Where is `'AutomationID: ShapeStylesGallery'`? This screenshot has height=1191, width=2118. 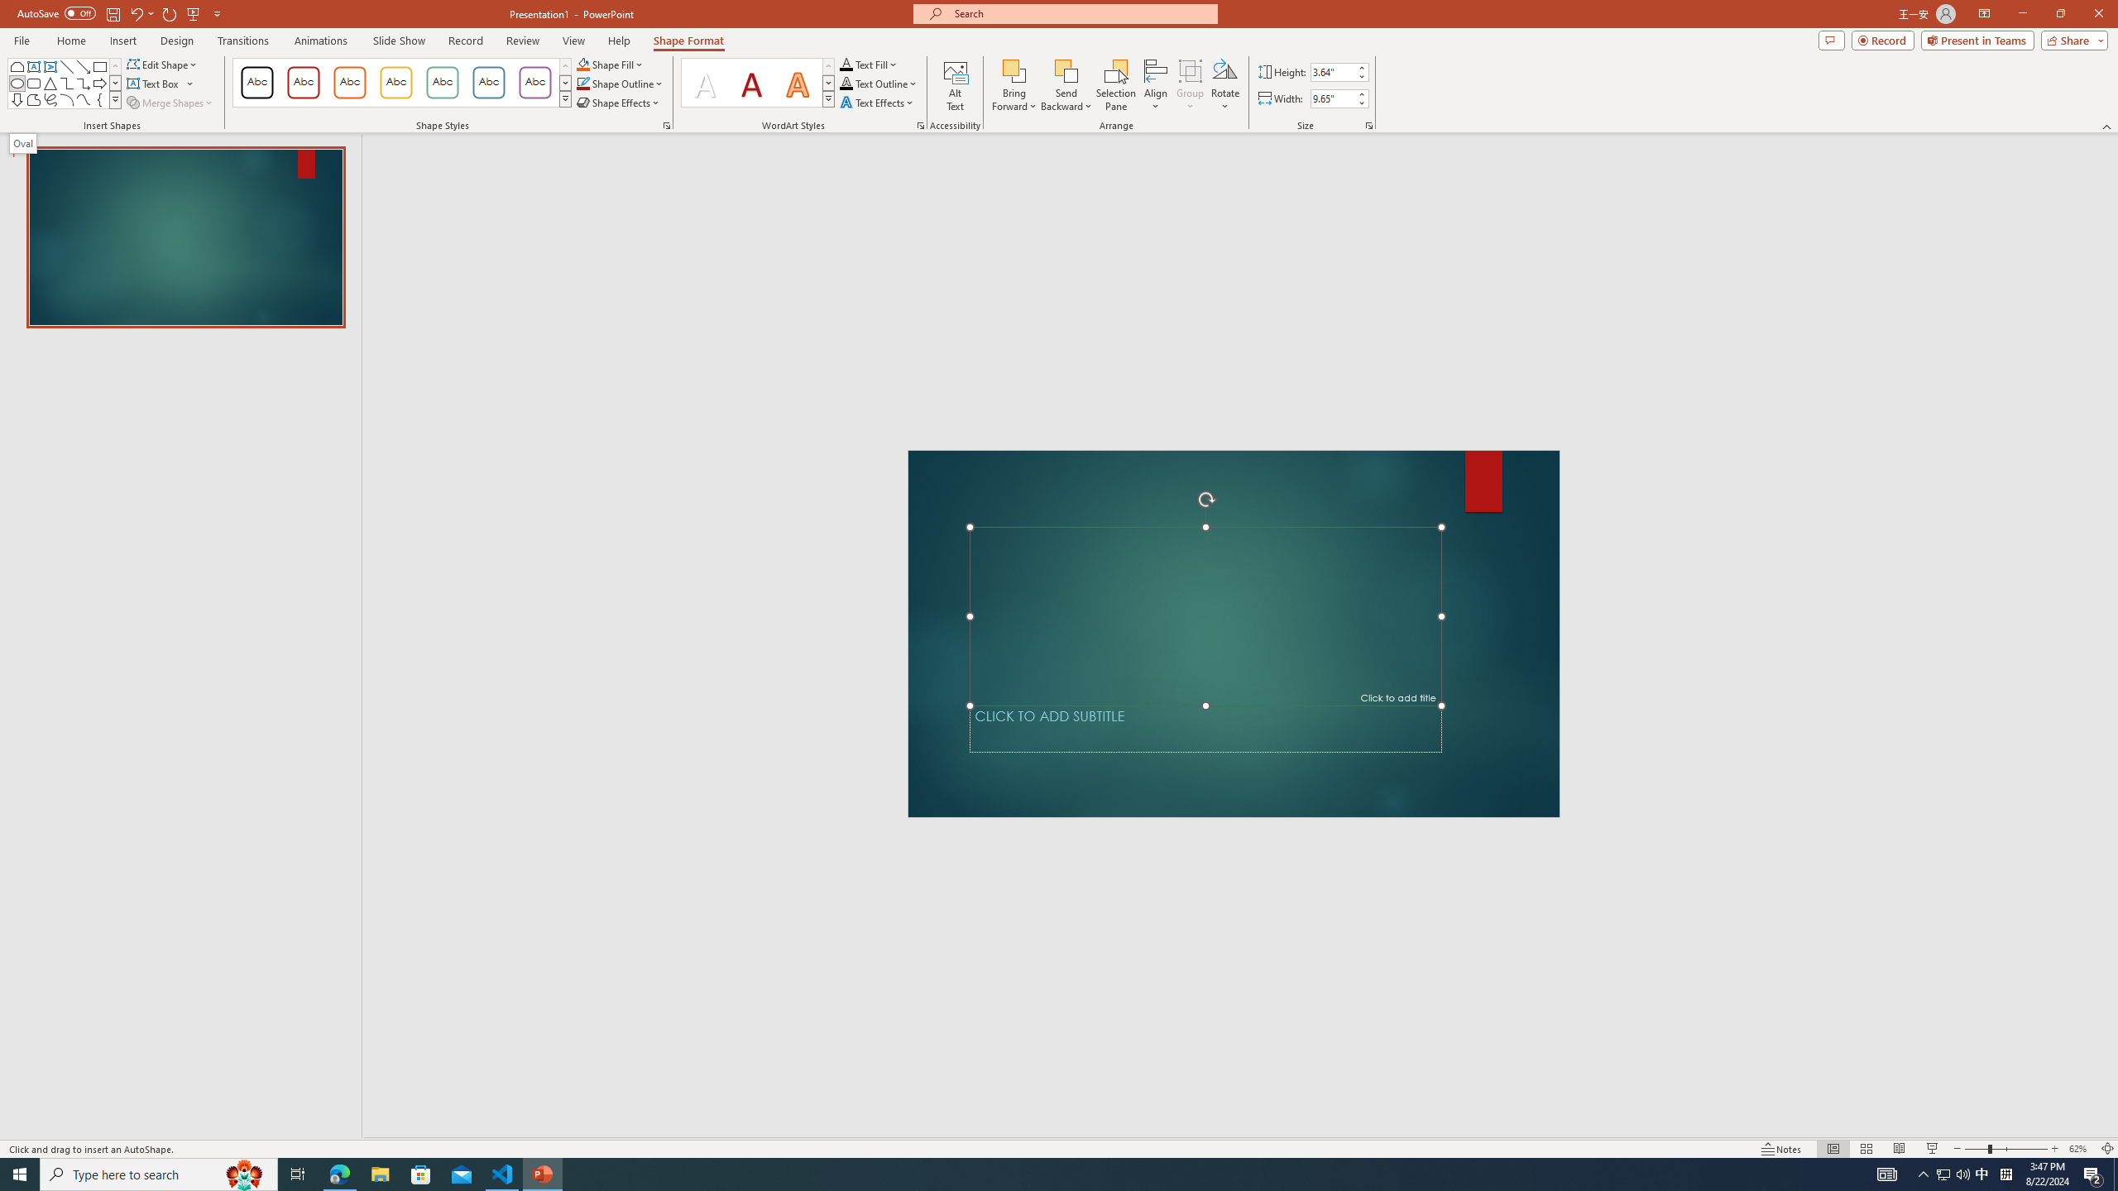
'AutomationID: ShapeStylesGallery' is located at coordinates (401, 82).